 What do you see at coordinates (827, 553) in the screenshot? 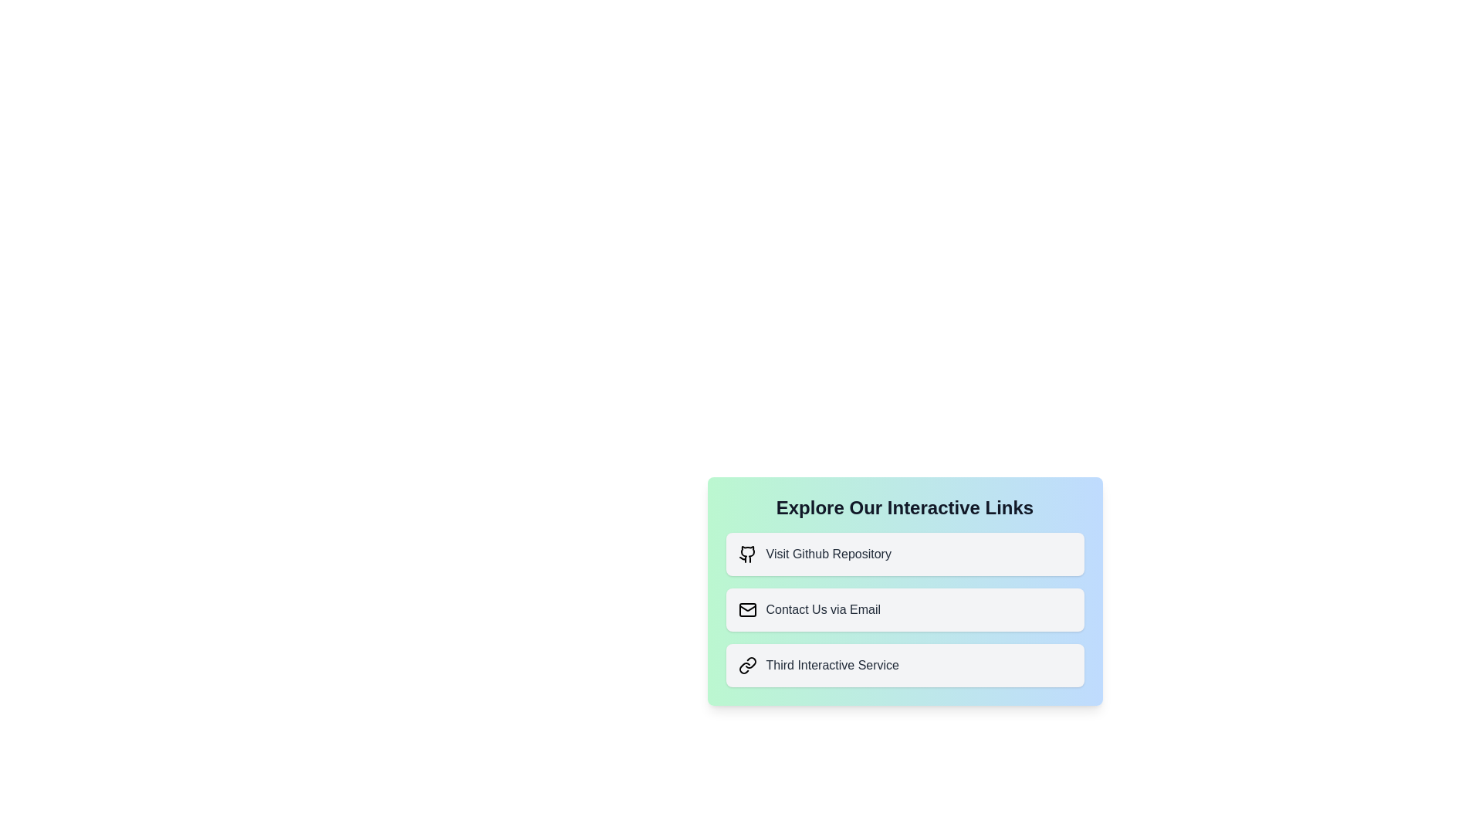
I see `the text label that informs the user about the link's purpose to visit the associated GitHub repository, located centrally within the first interactive link in the 'Explore Our Interactive Links' section` at bounding box center [827, 553].